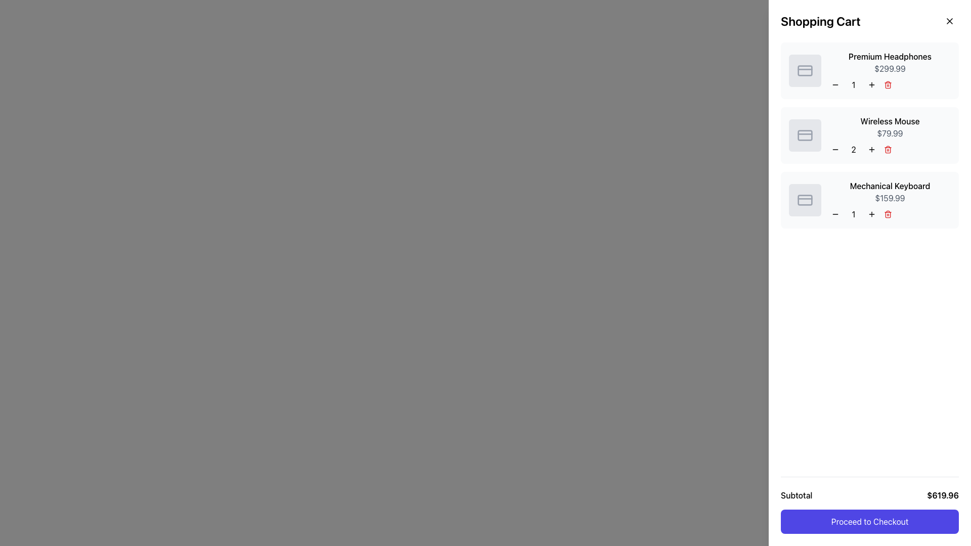 This screenshot has height=546, width=971. Describe the element at coordinates (949, 21) in the screenshot. I see `the close button located in the top-right corner of the shopping cart interface` at that location.